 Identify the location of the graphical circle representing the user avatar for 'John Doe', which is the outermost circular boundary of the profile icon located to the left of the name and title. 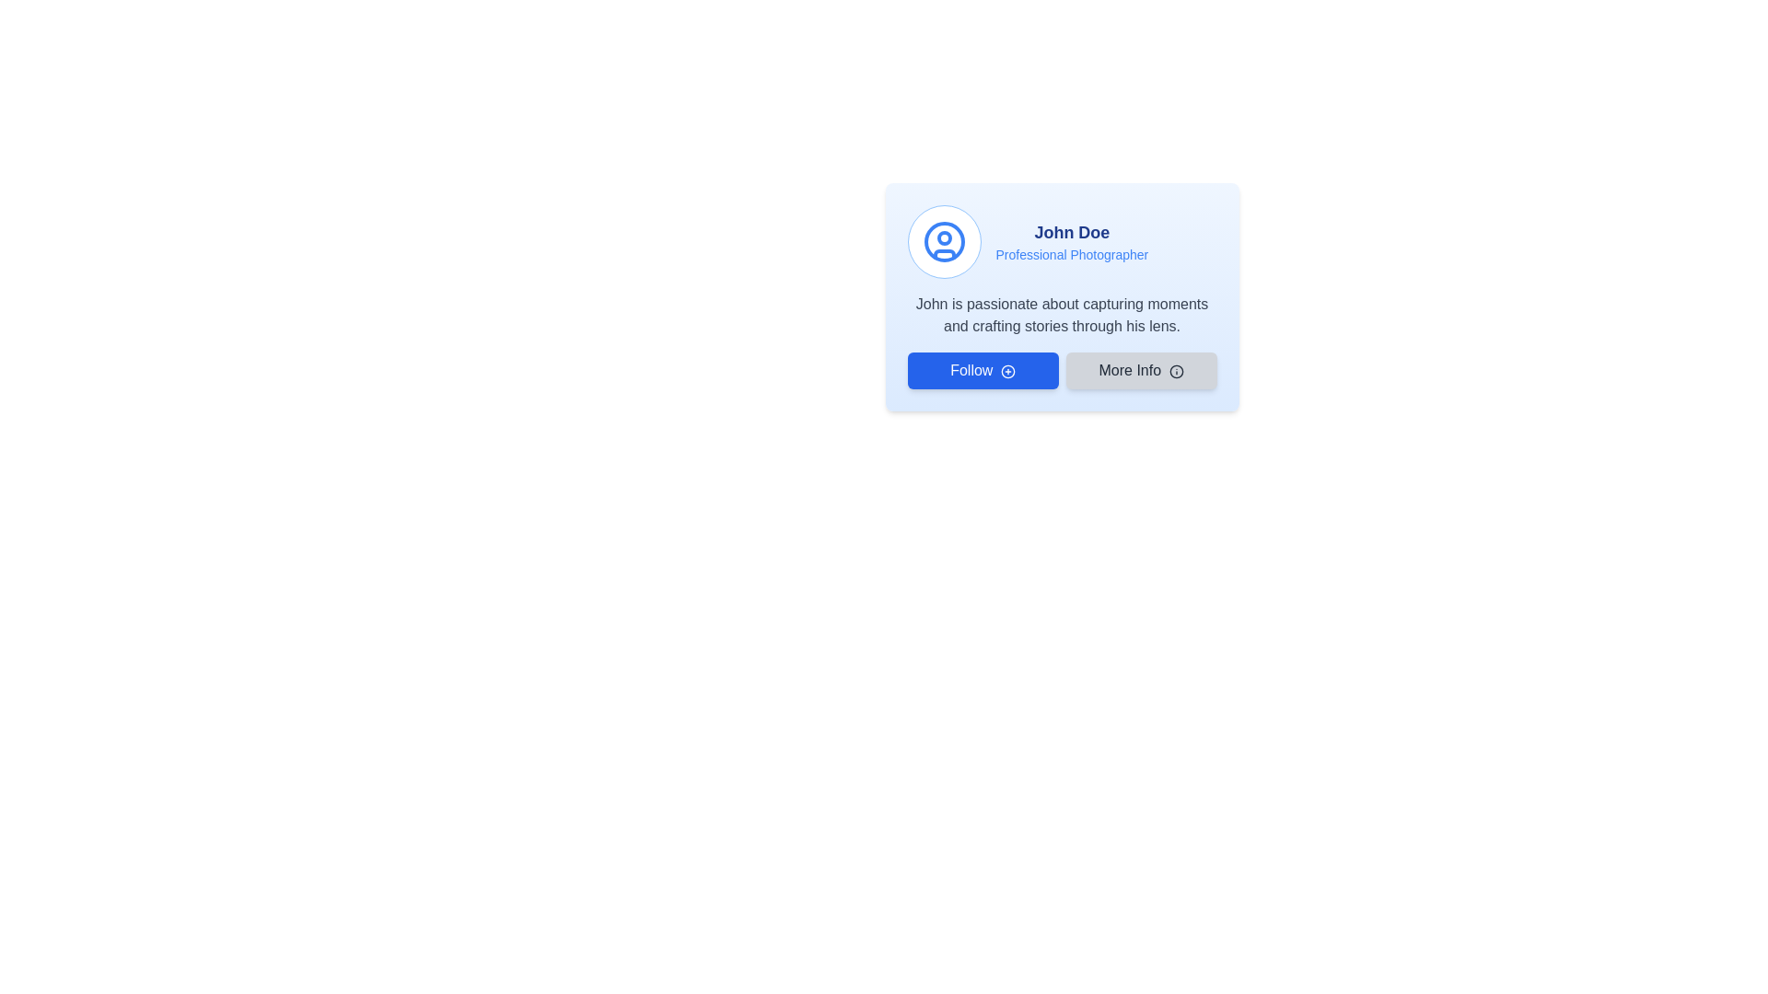
(944, 240).